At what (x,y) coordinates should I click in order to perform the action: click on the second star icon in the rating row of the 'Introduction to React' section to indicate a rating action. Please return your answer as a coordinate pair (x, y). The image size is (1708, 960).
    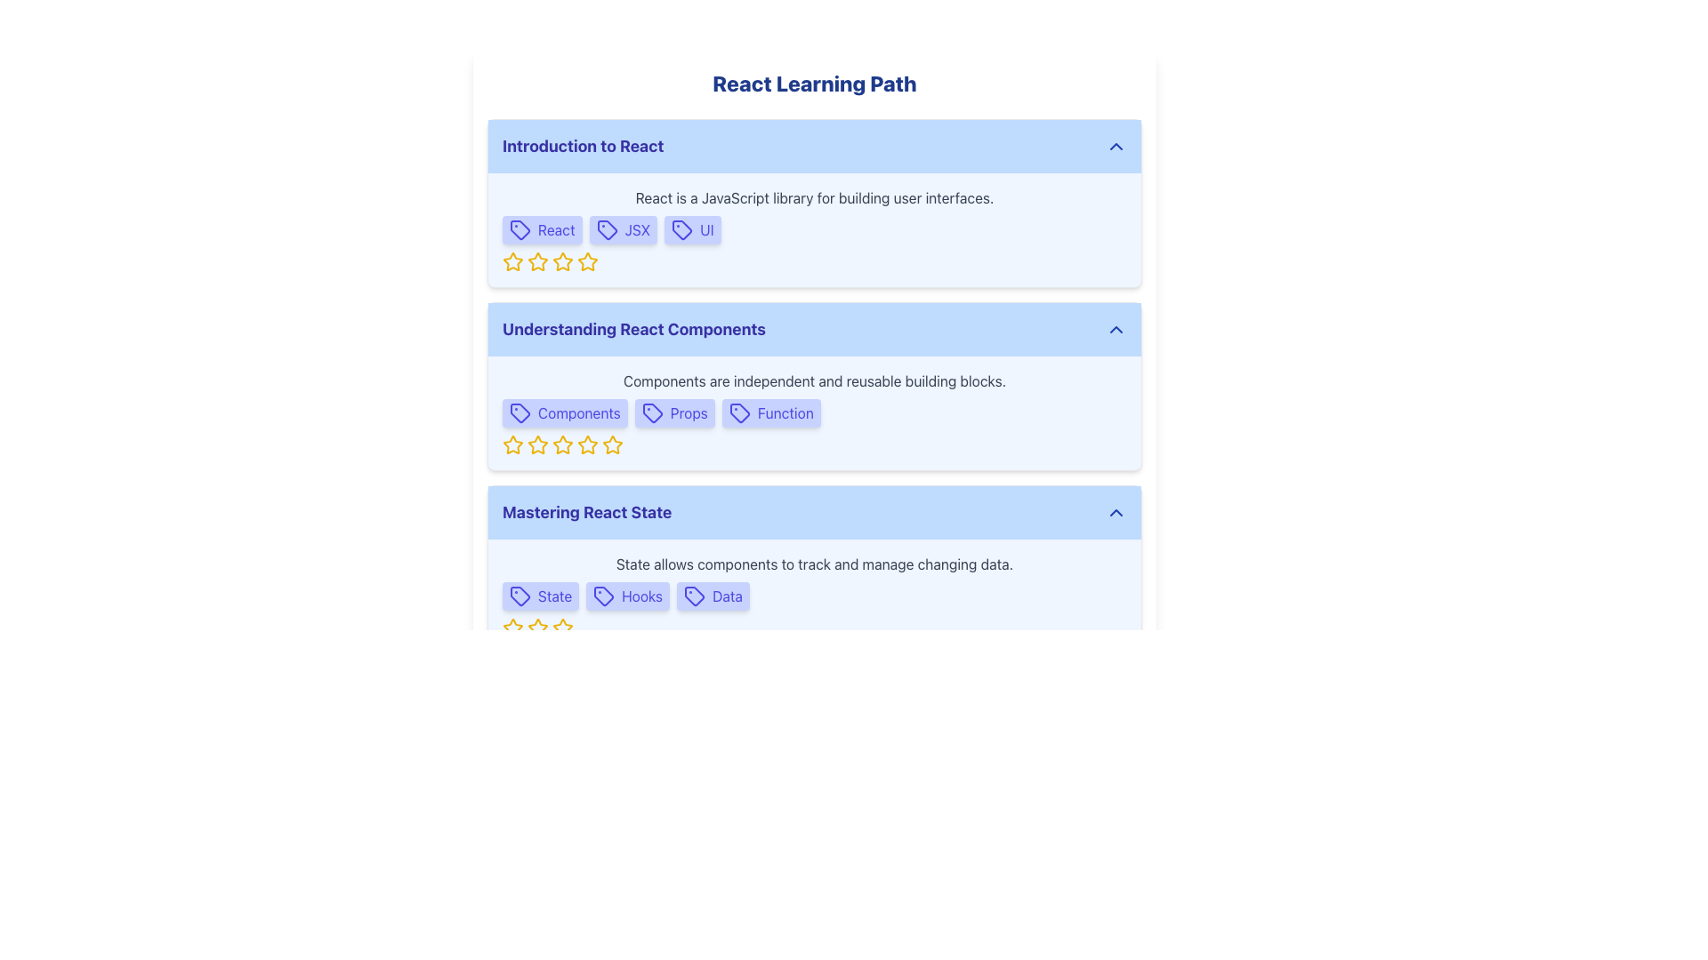
    Looking at the image, I should click on (588, 261).